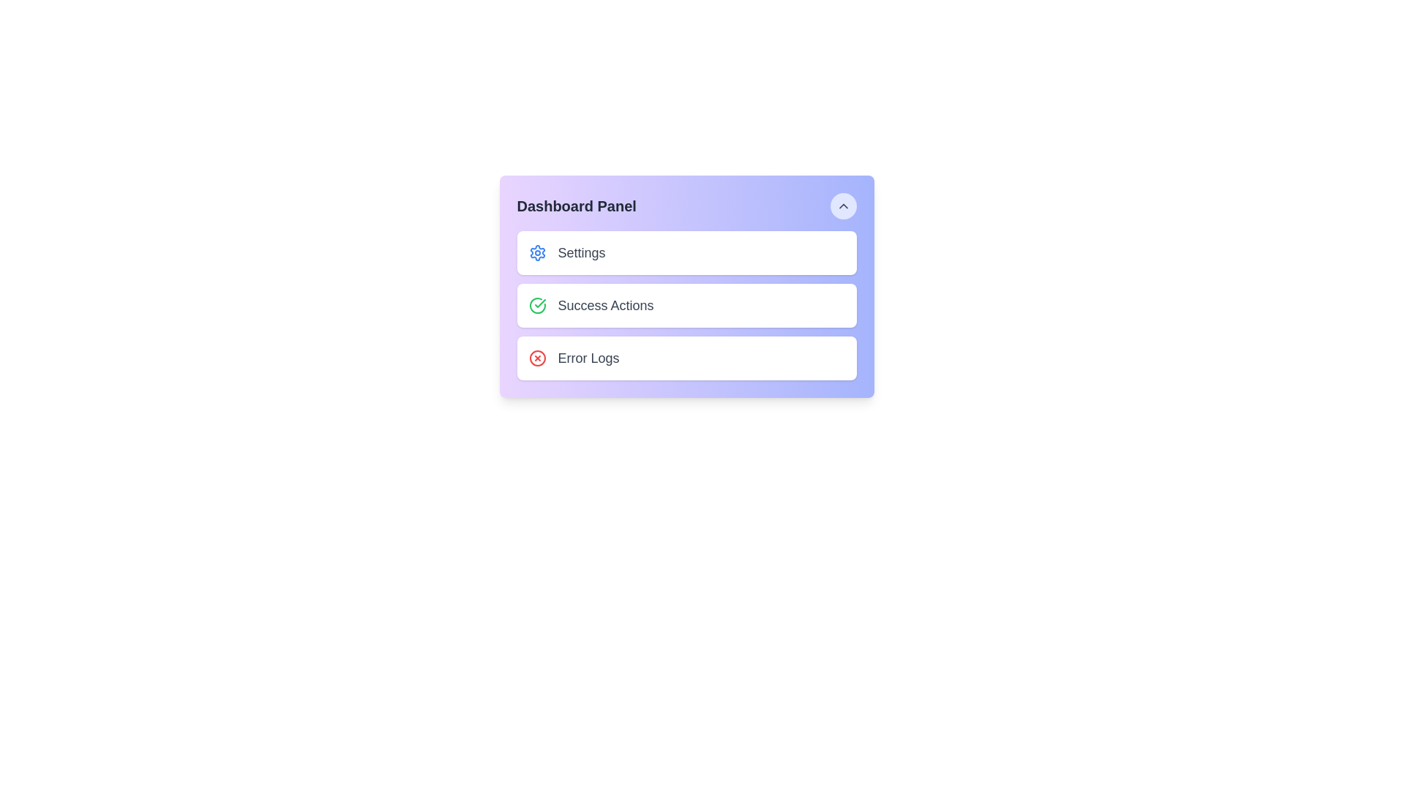  Describe the element at coordinates (581, 252) in the screenshot. I see `the 'Settings' text label component, which describes a configuration feature and is positioned to the right of a gear icon within a rectangular card in the 'Dashboard Panel'` at that location.